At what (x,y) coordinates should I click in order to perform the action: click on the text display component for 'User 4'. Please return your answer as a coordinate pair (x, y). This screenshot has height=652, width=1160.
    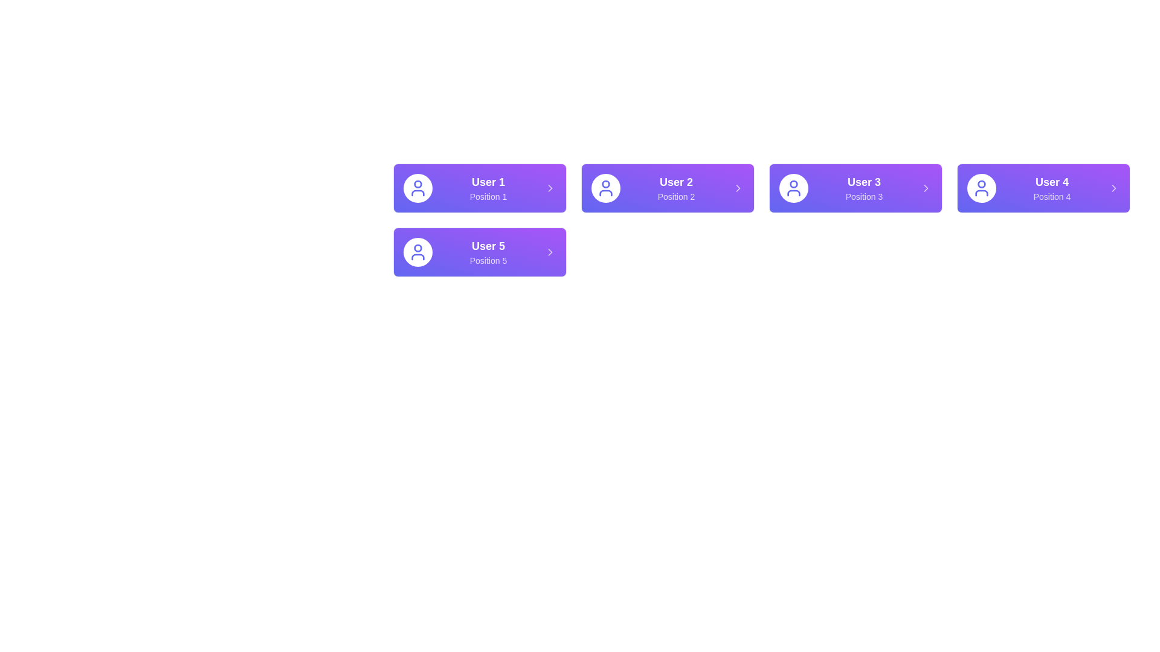
    Looking at the image, I should click on (1051, 188).